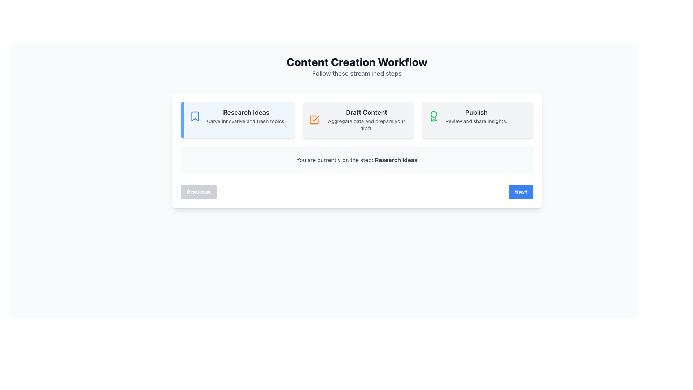 This screenshot has width=693, height=390. Describe the element at coordinates (246, 121) in the screenshot. I see `the descriptive text label located beneath the 'Research Ideas' heading in the first column of the multi-step workflow interface` at that location.